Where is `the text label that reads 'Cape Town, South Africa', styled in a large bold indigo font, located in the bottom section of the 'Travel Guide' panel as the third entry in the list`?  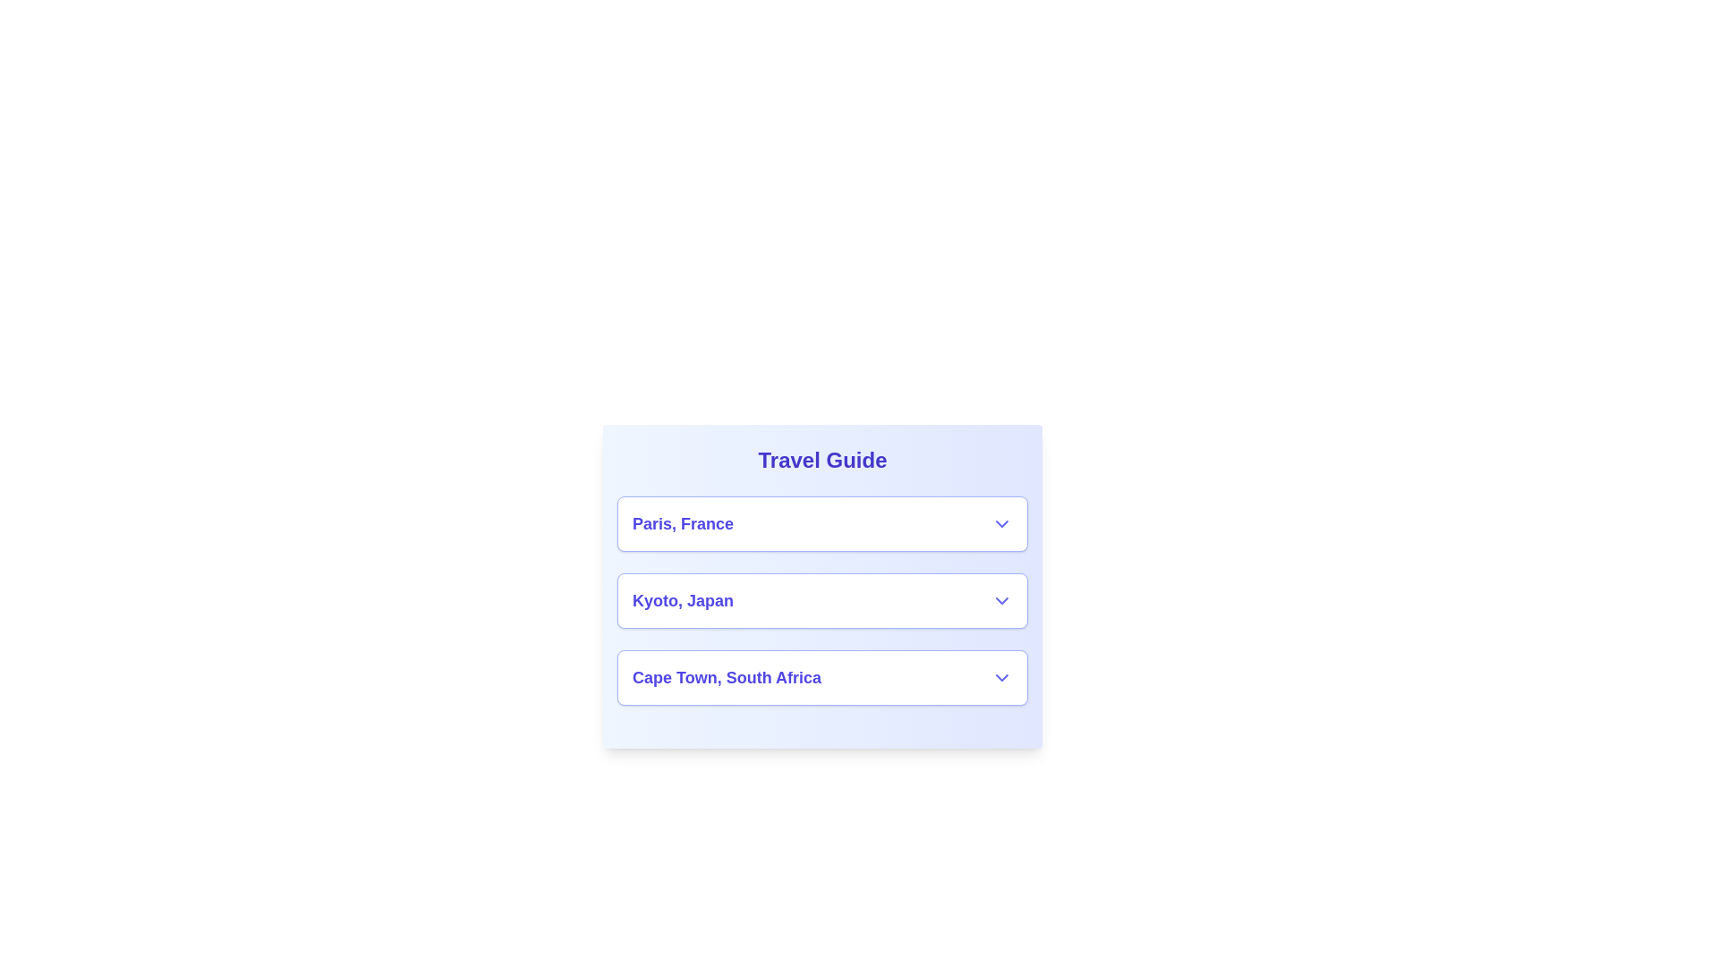
the text label that reads 'Cape Town, South Africa', styled in a large bold indigo font, located in the bottom section of the 'Travel Guide' panel as the third entry in the list is located at coordinates (727, 678).